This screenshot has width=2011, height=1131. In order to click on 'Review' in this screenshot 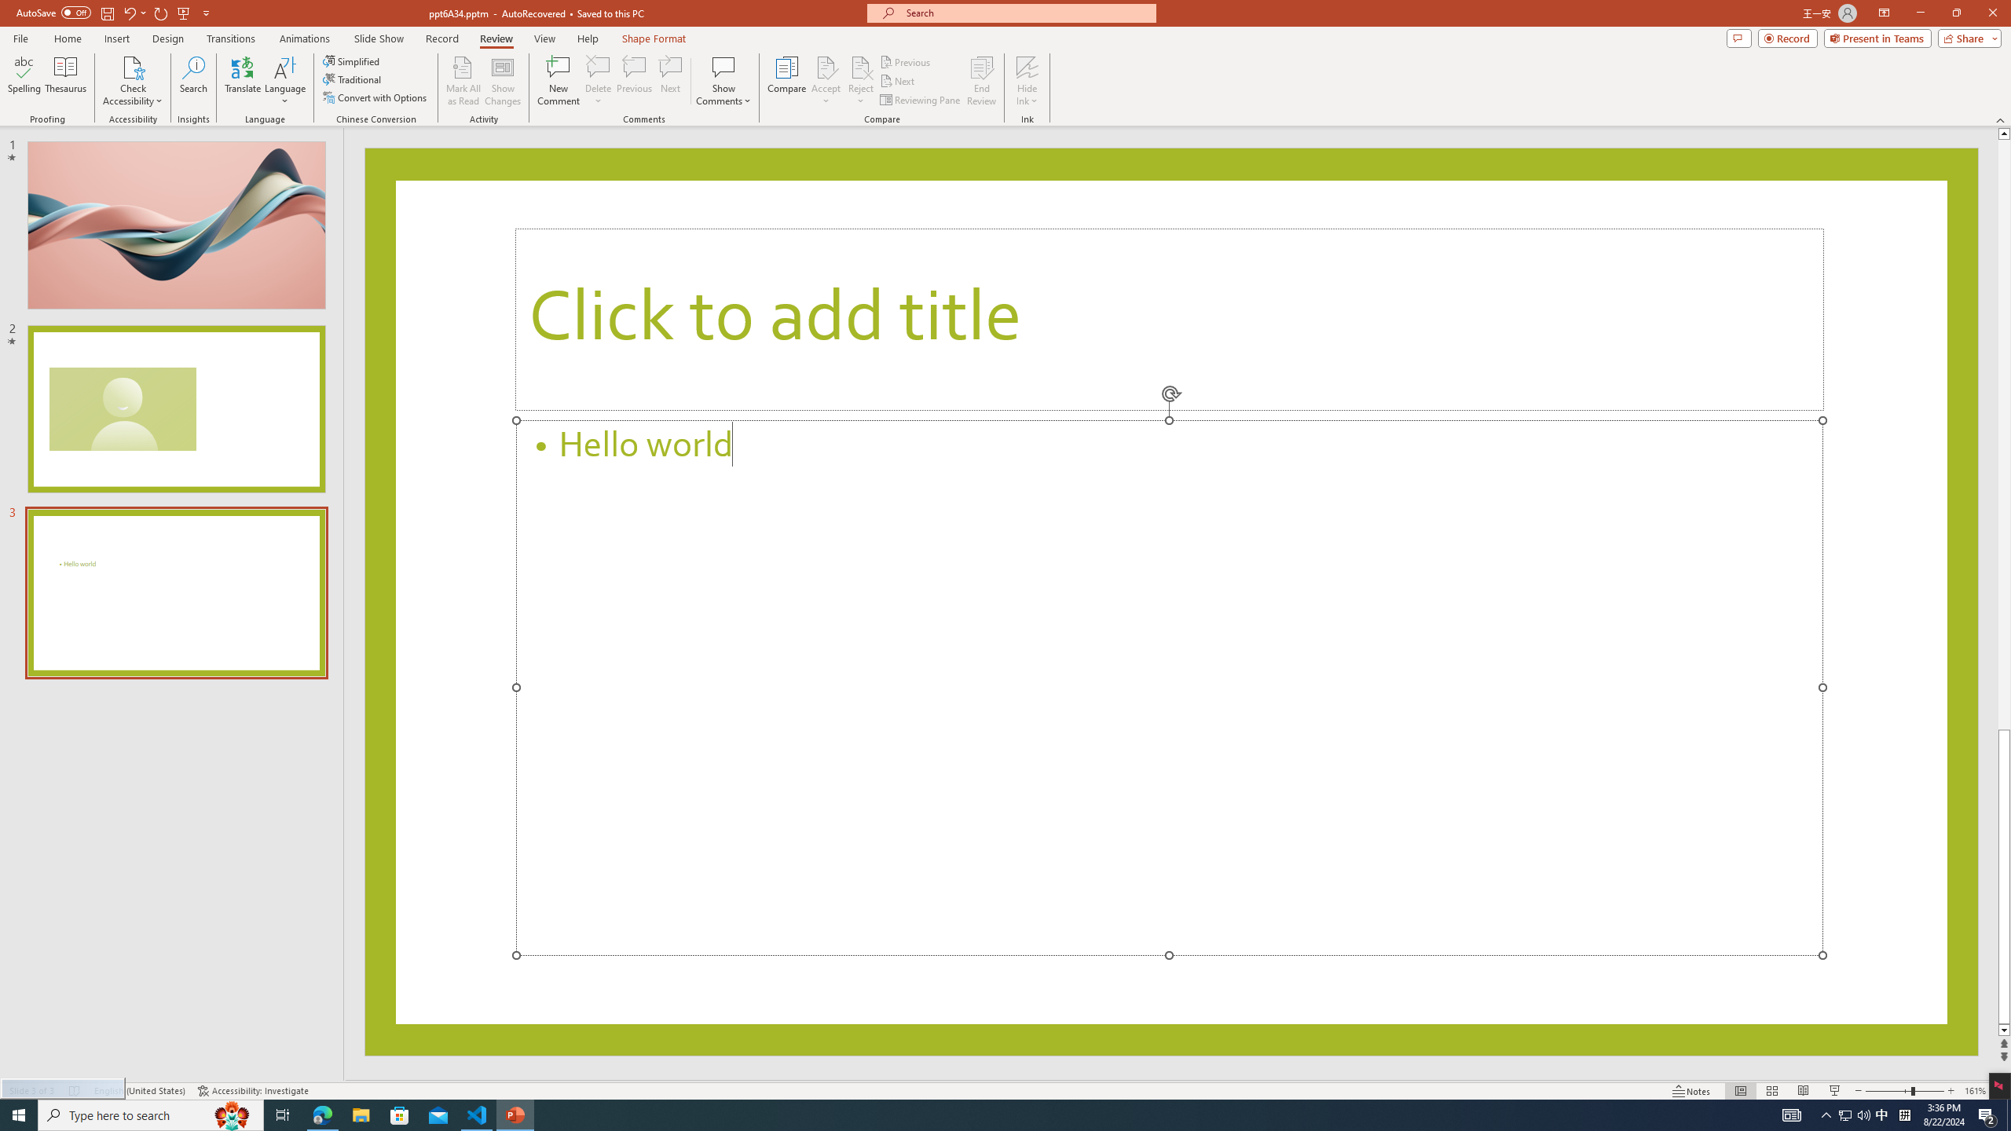, I will do `click(496, 38)`.